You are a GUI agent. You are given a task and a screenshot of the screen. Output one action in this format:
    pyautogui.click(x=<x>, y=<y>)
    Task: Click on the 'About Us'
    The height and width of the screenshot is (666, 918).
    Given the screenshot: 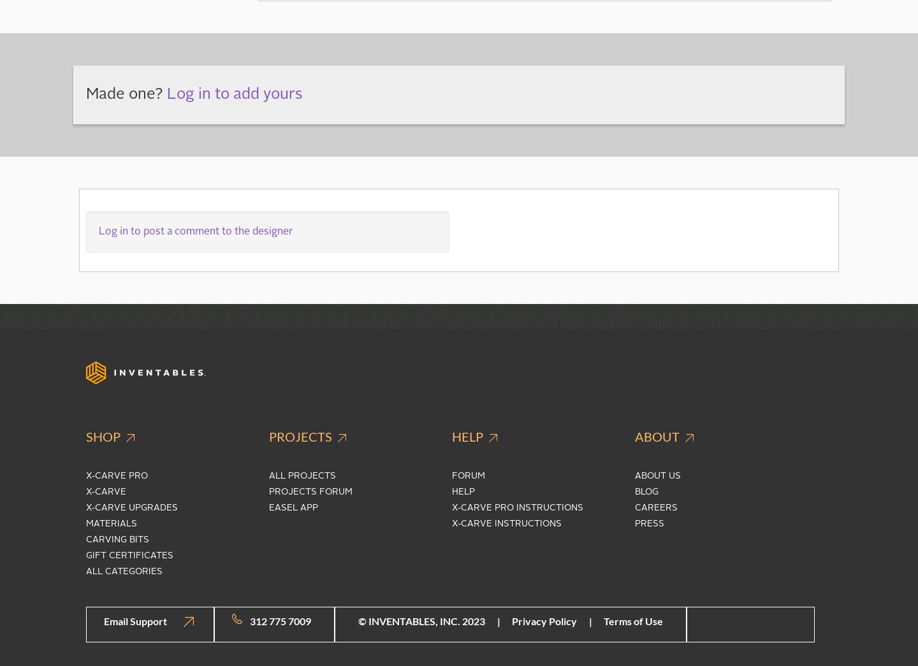 What is the action you would take?
    pyautogui.click(x=658, y=475)
    